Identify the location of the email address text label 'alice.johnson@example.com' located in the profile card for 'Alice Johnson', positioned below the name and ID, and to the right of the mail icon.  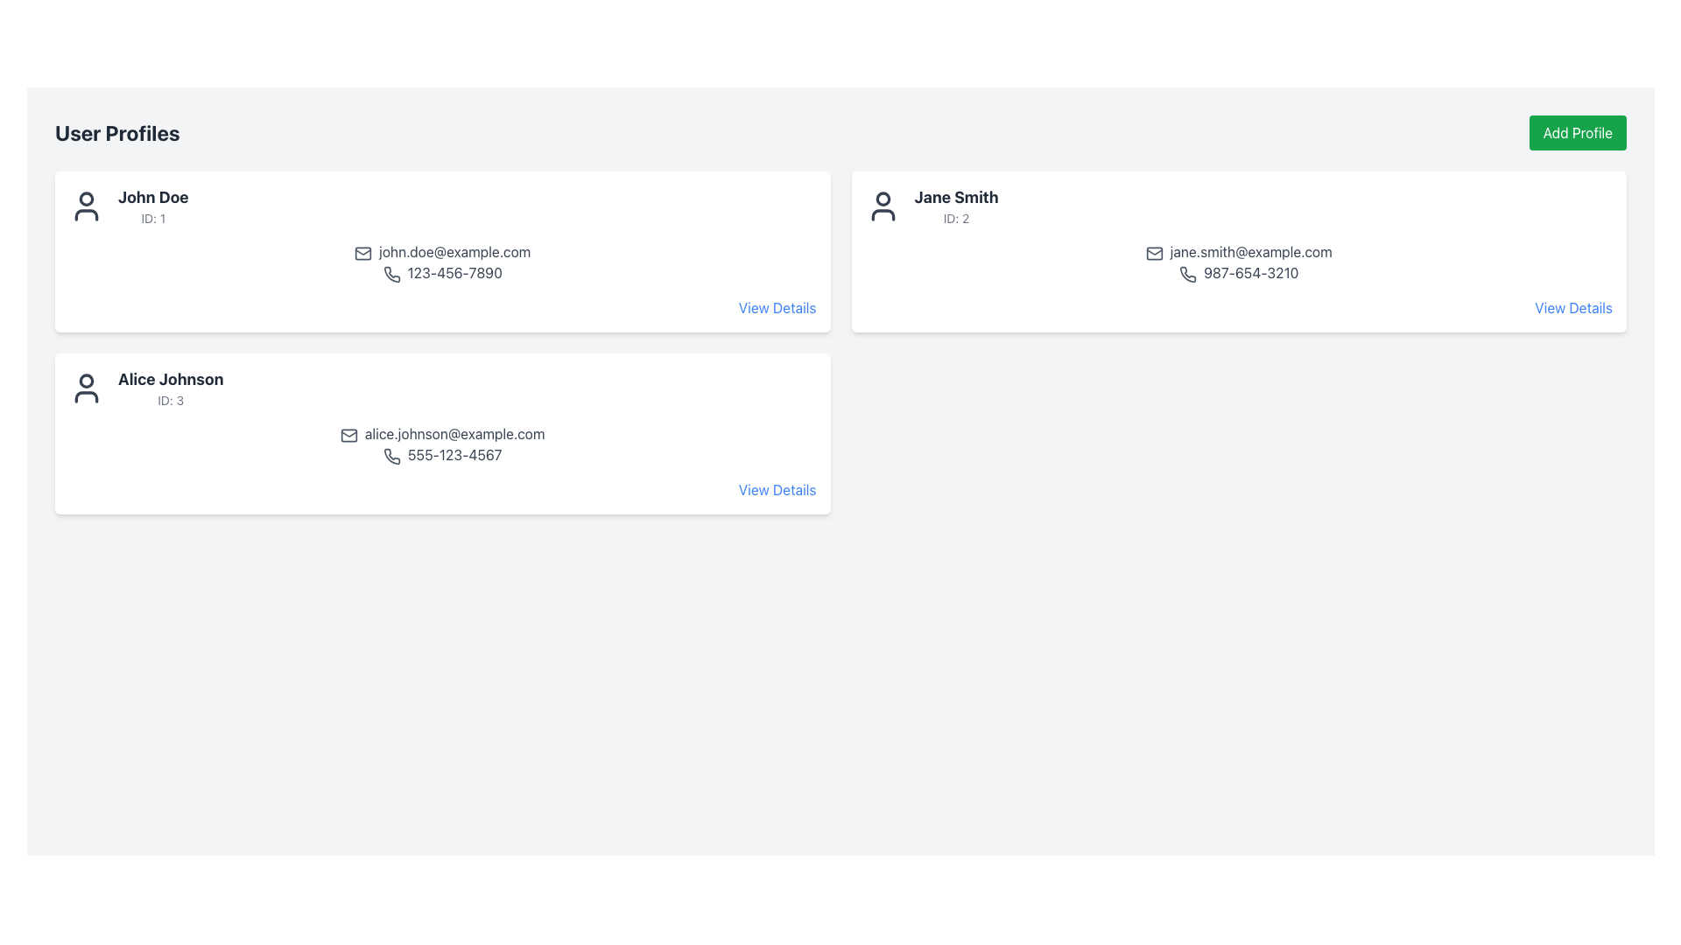
(442, 433).